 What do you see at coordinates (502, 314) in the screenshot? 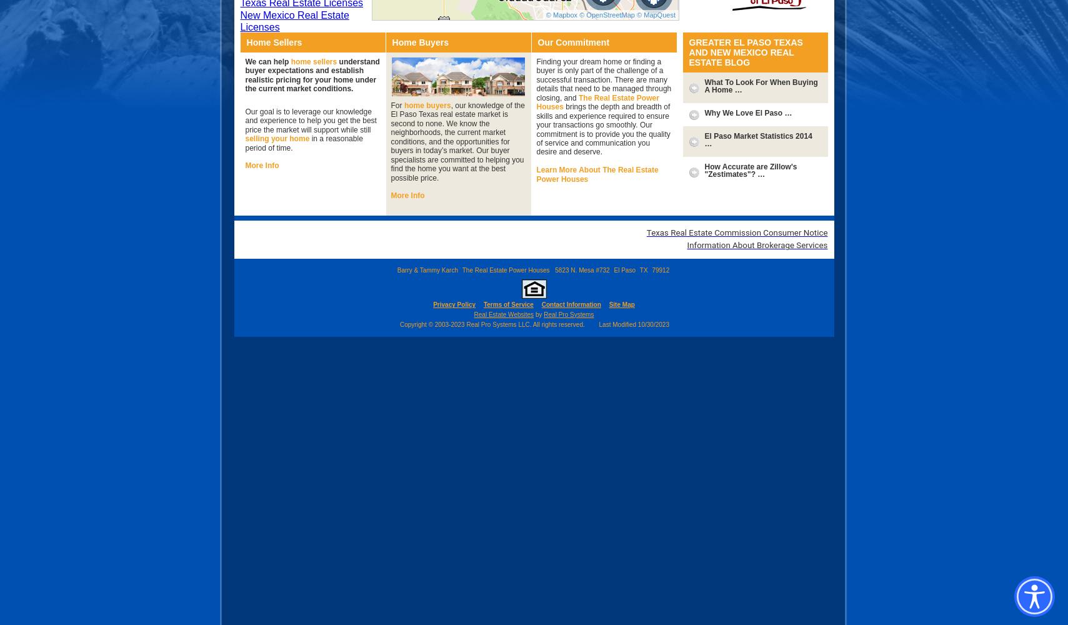
I see `'Real Estate Websites'` at bounding box center [502, 314].